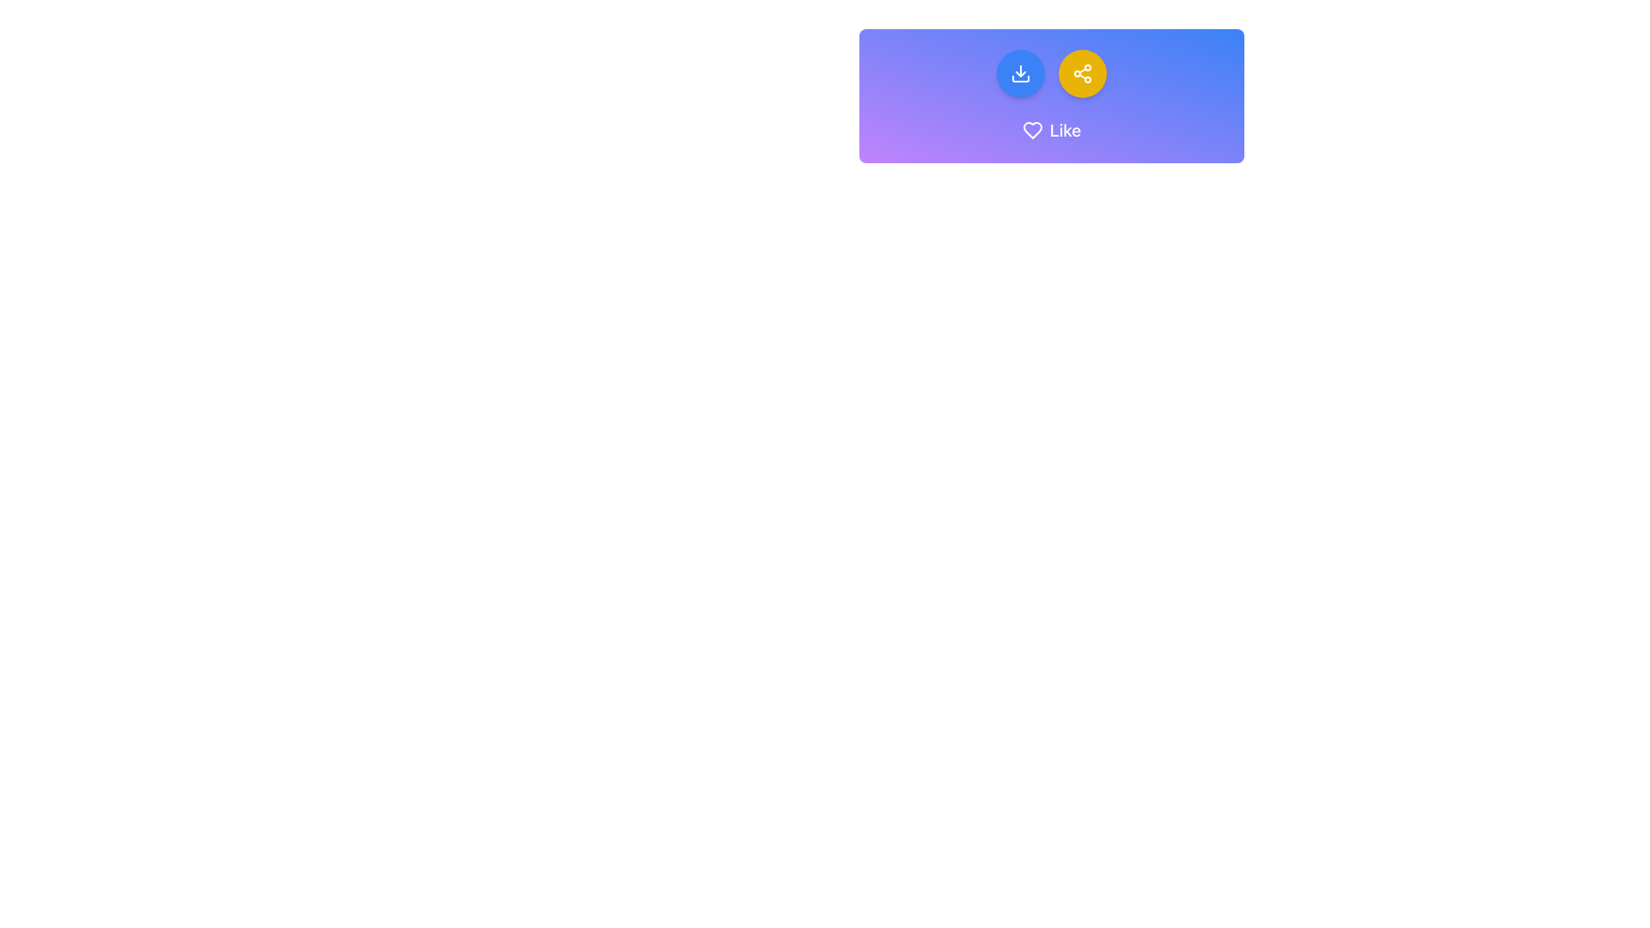  What do you see at coordinates (1031, 129) in the screenshot?
I see `the first icon representing the 'Like' action, positioned to the left of the text 'Like', which serves as a visual representation for favoriting an item` at bounding box center [1031, 129].